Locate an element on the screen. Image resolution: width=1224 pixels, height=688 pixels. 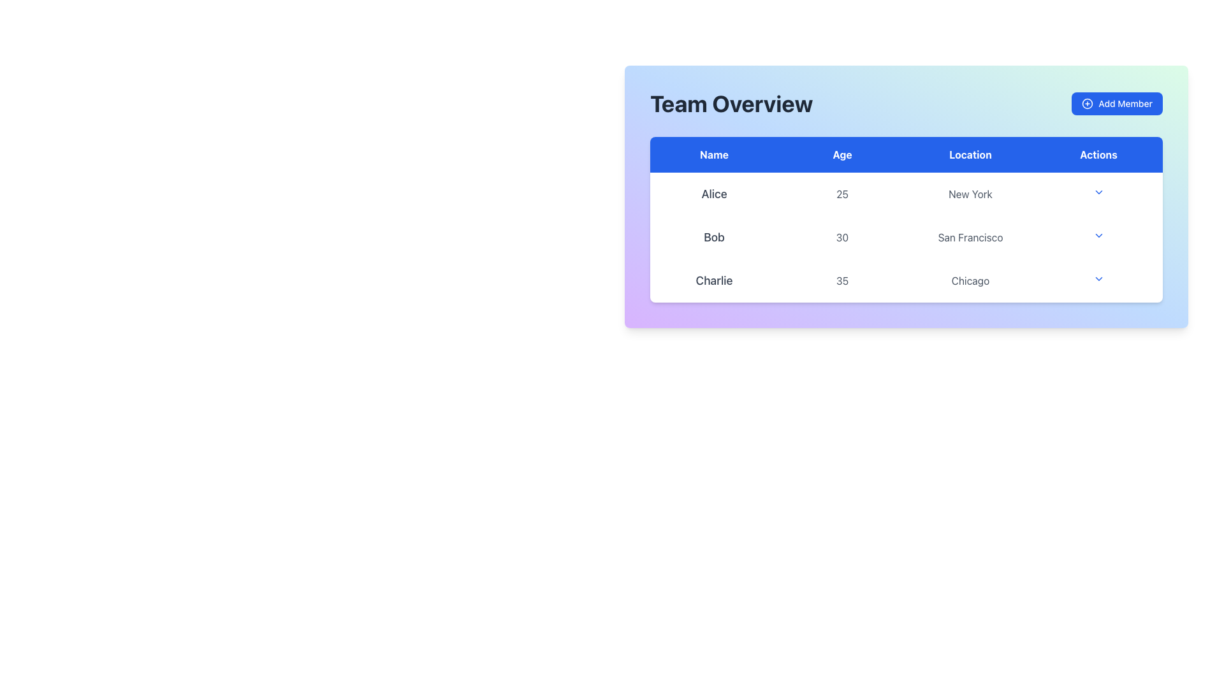
the text element displaying 'San Francisco' in the 'Location' column of the second row for the entry 'Bob' in the 'Team Overview' section is located at coordinates (970, 238).